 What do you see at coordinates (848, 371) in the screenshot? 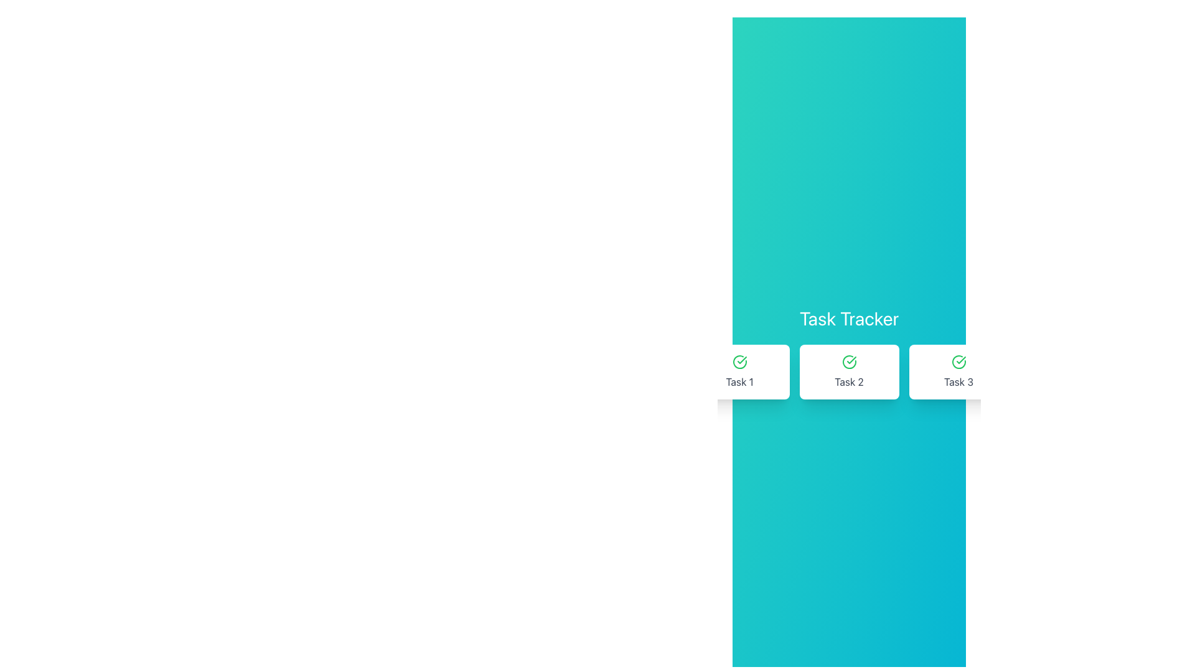
I see `the second card labeled 'Task 2', which is a white rectangular card with a green checkmark icon at the top and gray text below it` at bounding box center [848, 371].